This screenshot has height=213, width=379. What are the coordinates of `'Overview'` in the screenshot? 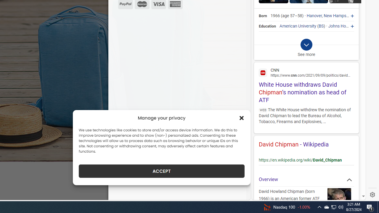 It's located at (306, 179).